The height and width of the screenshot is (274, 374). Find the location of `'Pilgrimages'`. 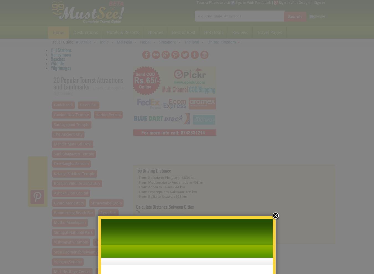

'Pilgrimages' is located at coordinates (60, 67).